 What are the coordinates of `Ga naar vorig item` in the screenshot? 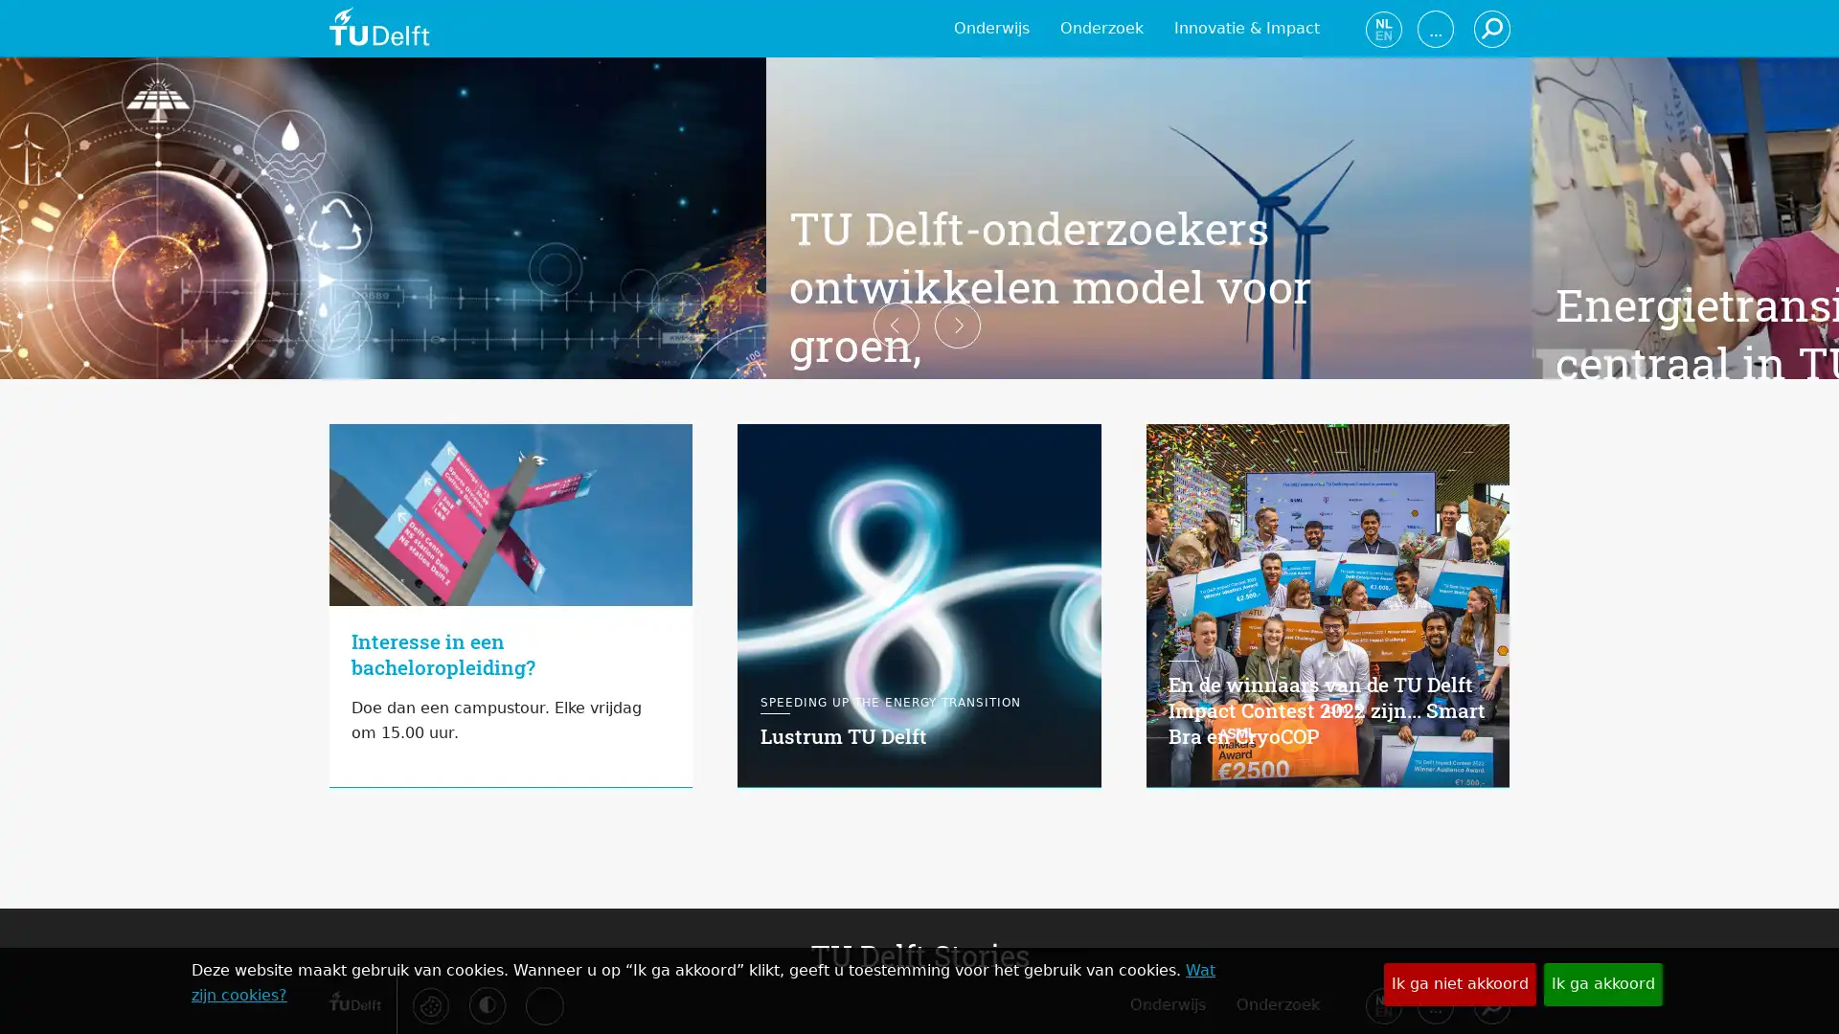 It's located at (298, 517).